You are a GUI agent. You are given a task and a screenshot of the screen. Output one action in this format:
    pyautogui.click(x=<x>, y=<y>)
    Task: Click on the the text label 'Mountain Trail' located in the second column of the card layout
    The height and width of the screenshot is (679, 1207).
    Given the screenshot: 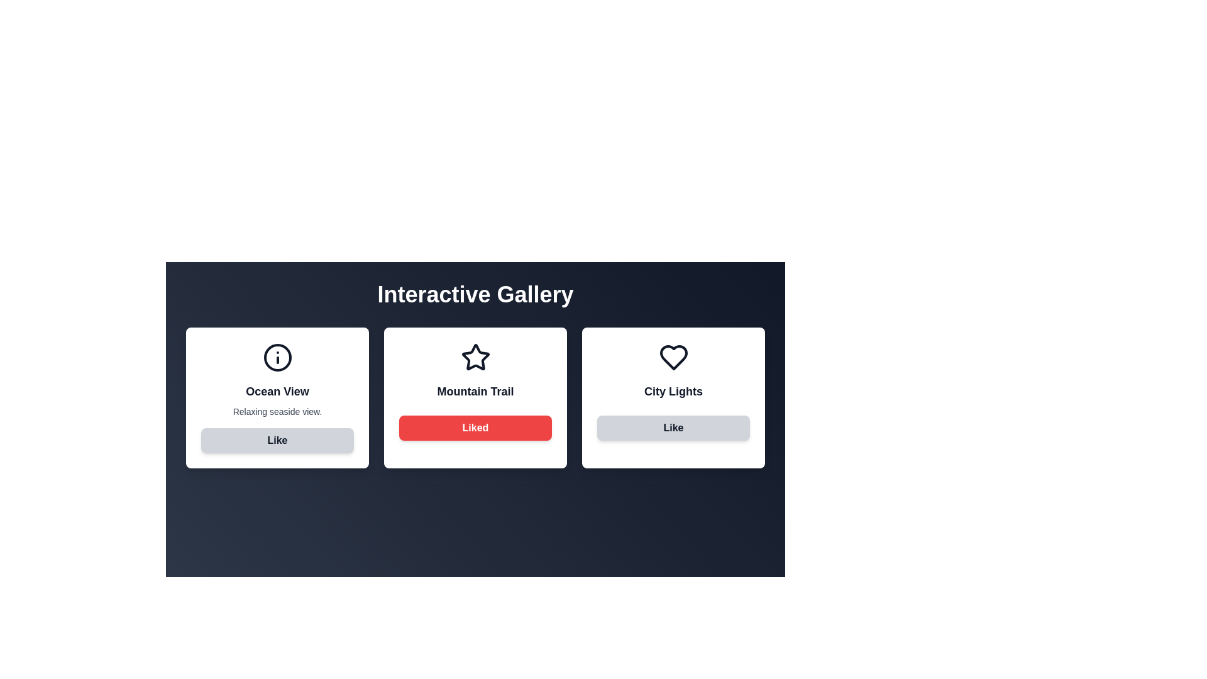 What is the action you would take?
    pyautogui.click(x=475, y=391)
    